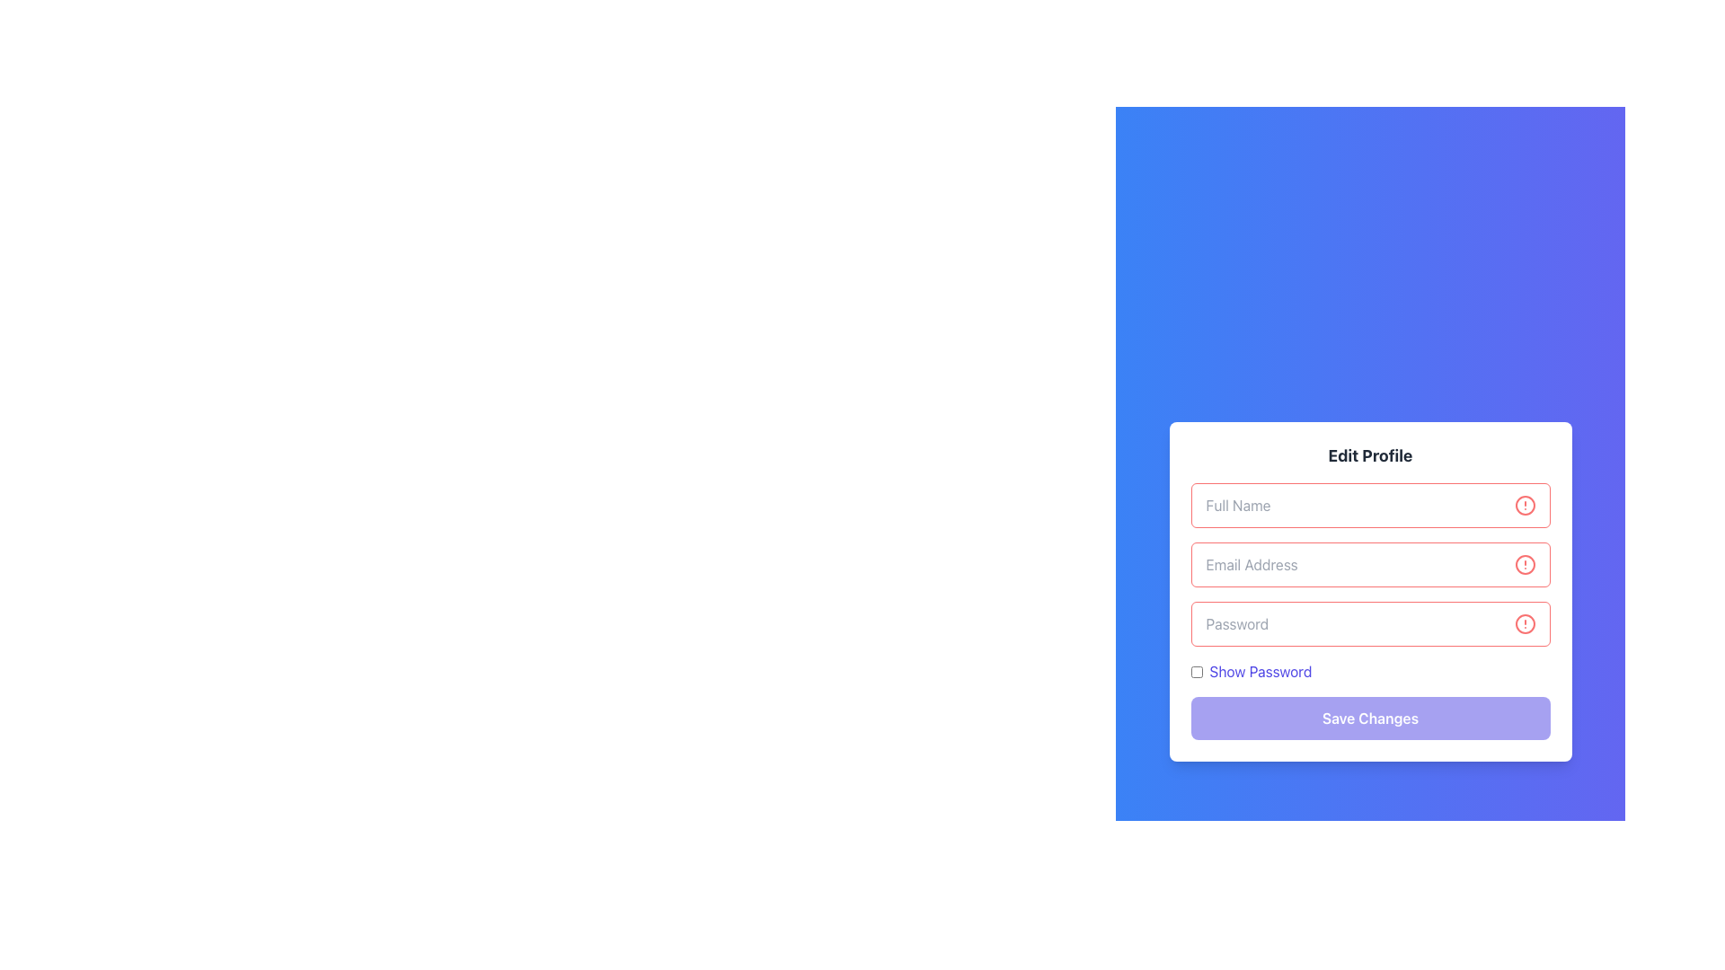  What do you see at coordinates (1524, 506) in the screenshot?
I see `the SVG Circle Graphic that serves as a warning or notification symbol, located immediately to the right of the 'Full Name' input field` at bounding box center [1524, 506].